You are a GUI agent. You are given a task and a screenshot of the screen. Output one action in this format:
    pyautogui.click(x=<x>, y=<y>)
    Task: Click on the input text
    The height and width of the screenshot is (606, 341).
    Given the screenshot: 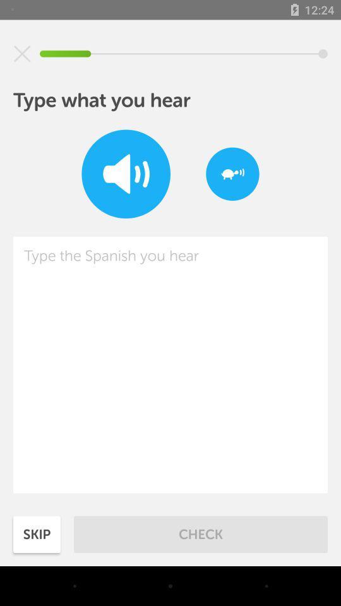 What is the action you would take?
    pyautogui.click(x=170, y=365)
    